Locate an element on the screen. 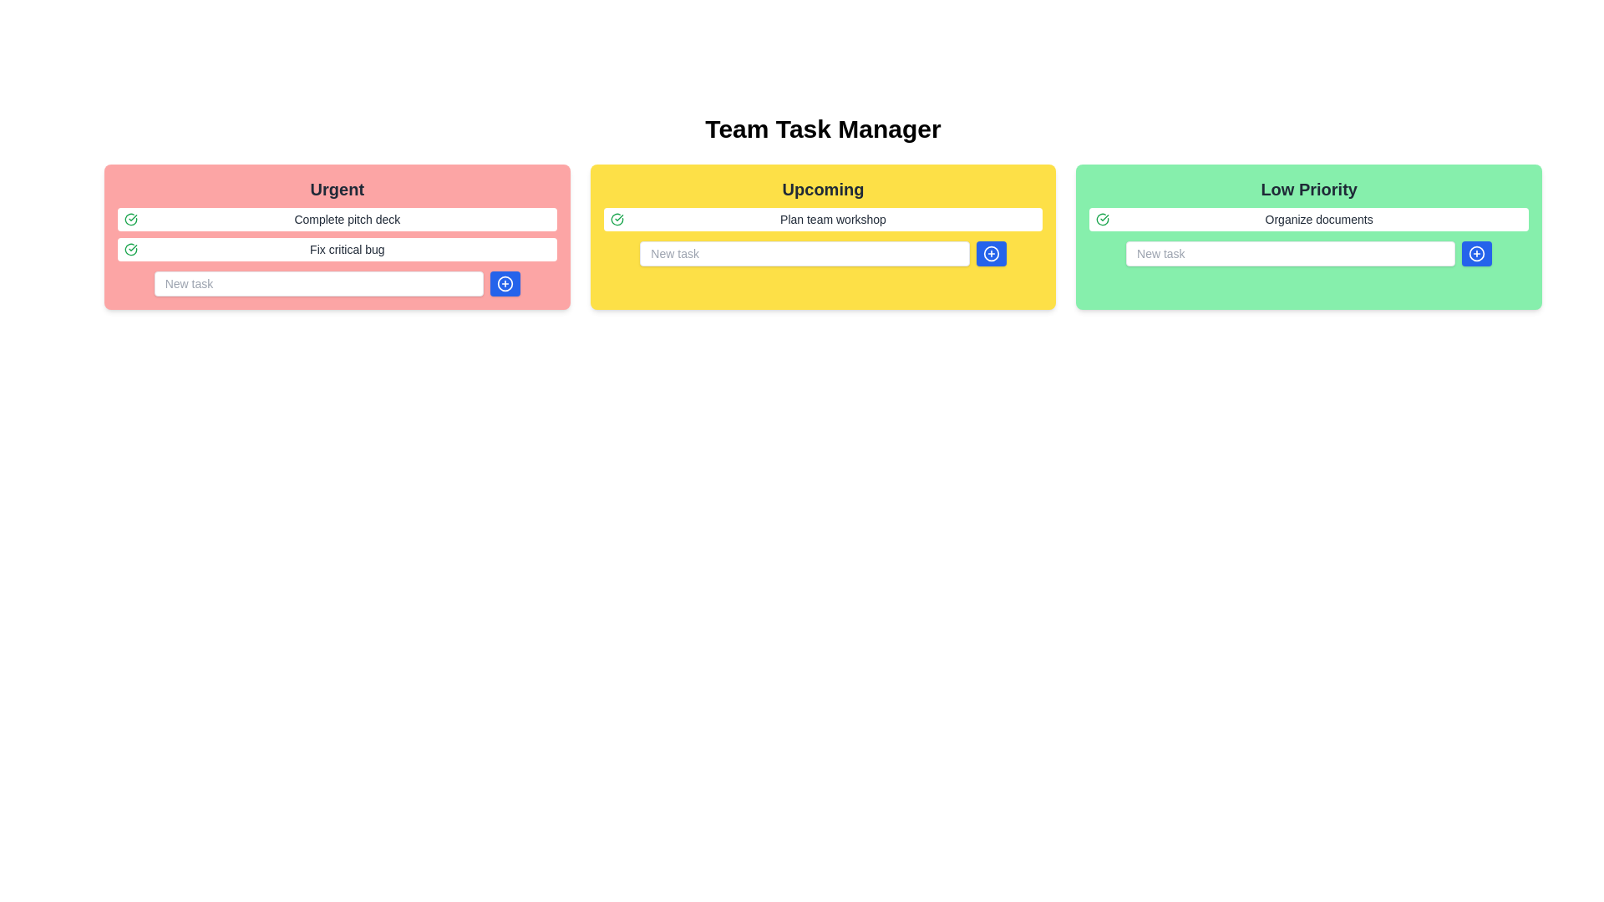 The height and width of the screenshot is (902, 1604). the completed status icon, which is a small circular shape with a green border and a checkmark icon inside, located within the 'Urgent' task card to the left of the task labeled 'Fix critical bug.' is located at coordinates (1103, 218).